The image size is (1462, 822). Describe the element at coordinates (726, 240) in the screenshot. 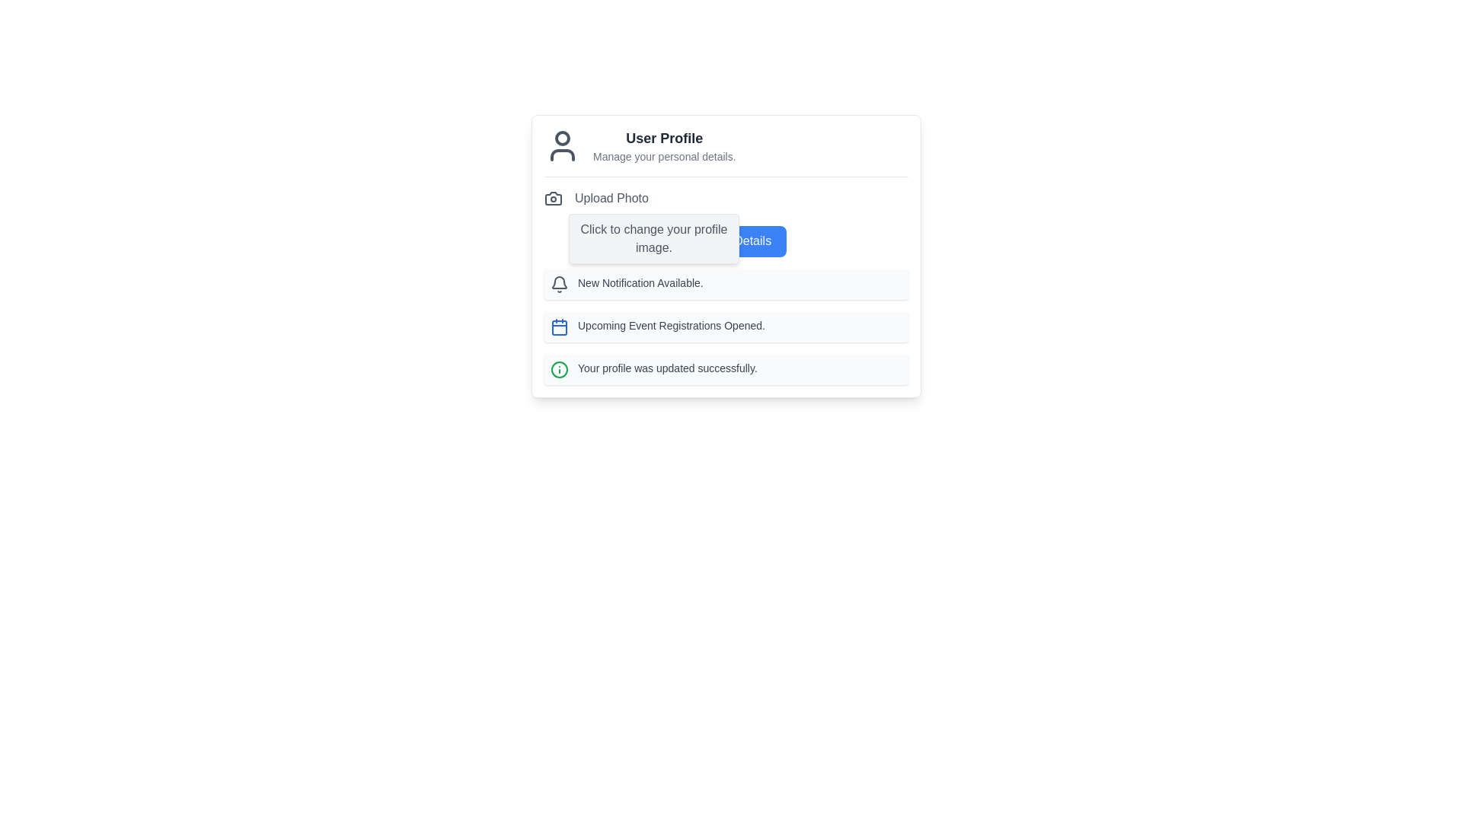

I see `the user profile details button` at that location.